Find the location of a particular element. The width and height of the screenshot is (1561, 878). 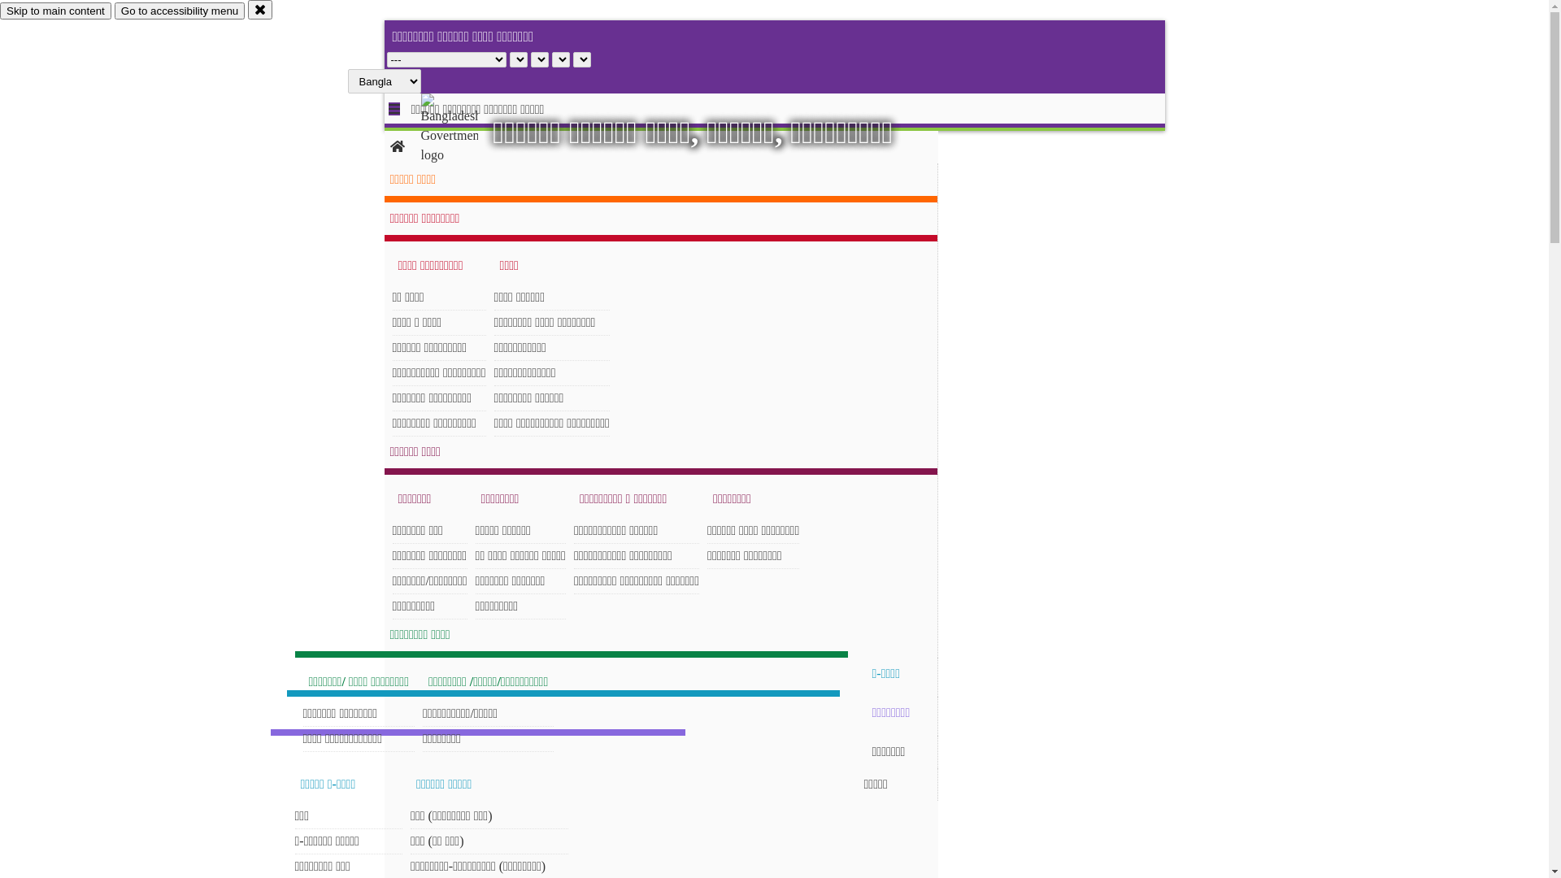

'Go to accessibility menu' is located at coordinates (179, 11).